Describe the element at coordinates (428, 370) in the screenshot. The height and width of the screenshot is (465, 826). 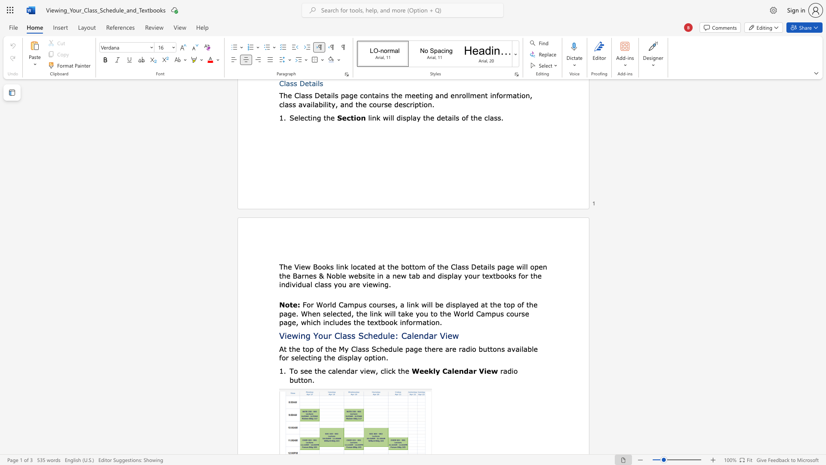
I see `the subset text "kly Cale" within the text "Weekly Calendar View"` at that location.